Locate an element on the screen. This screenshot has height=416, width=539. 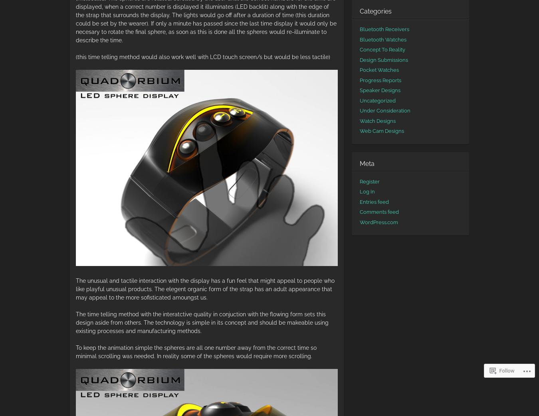
'Follow' is located at coordinates (507, 370).